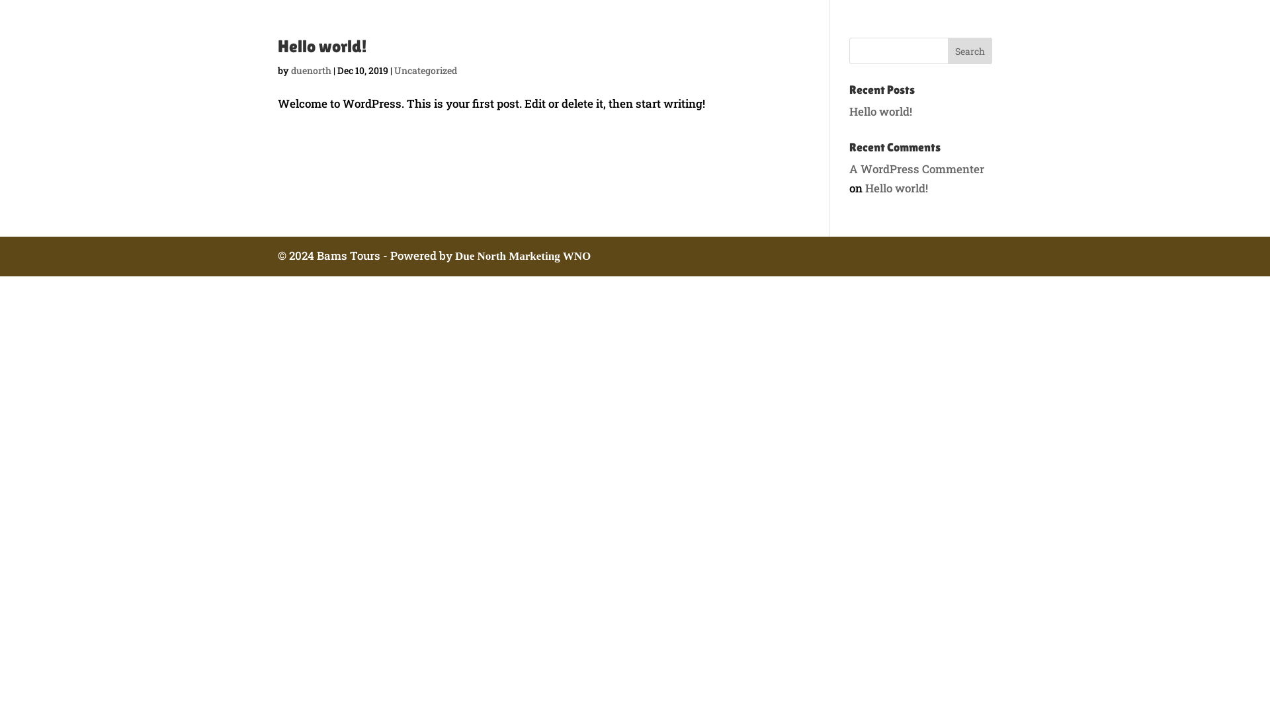 This screenshot has width=1270, height=714. What do you see at coordinates (562, 256) in the screenshot?
I see `'WNO'` at bounding box center [562, 256].